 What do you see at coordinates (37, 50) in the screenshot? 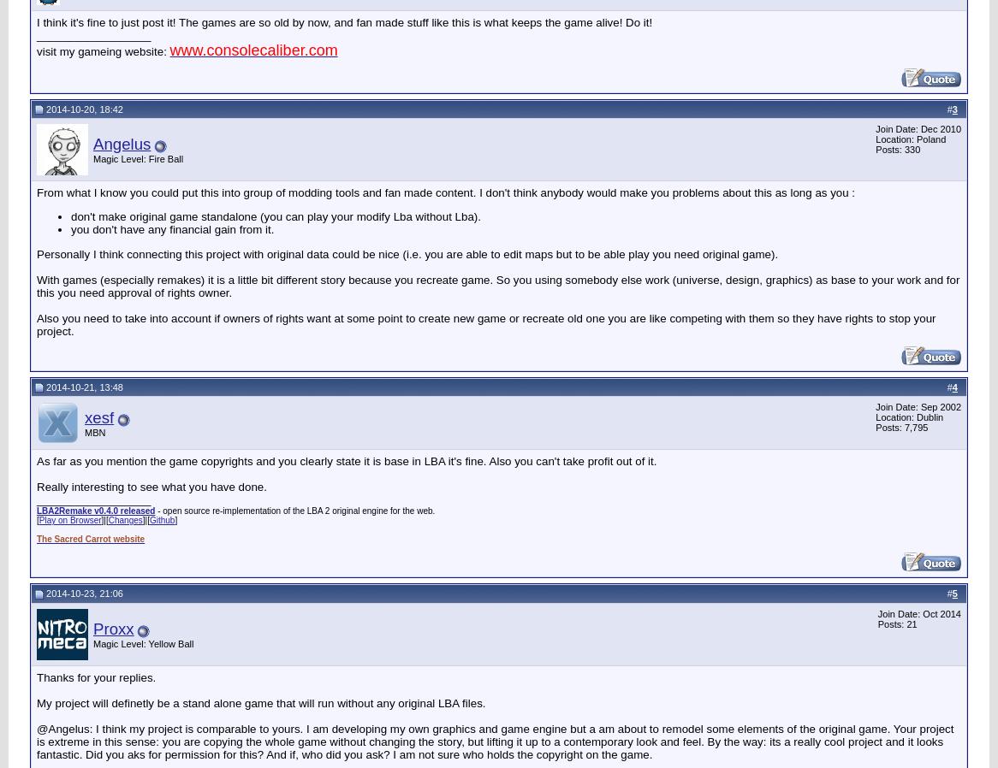
I see `'visit my gameing website:'` at bounding box center [37, 50].